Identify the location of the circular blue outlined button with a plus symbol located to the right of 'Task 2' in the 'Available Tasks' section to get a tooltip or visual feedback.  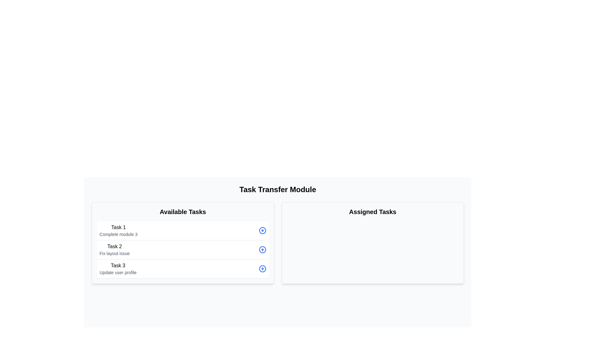
(262, 249).